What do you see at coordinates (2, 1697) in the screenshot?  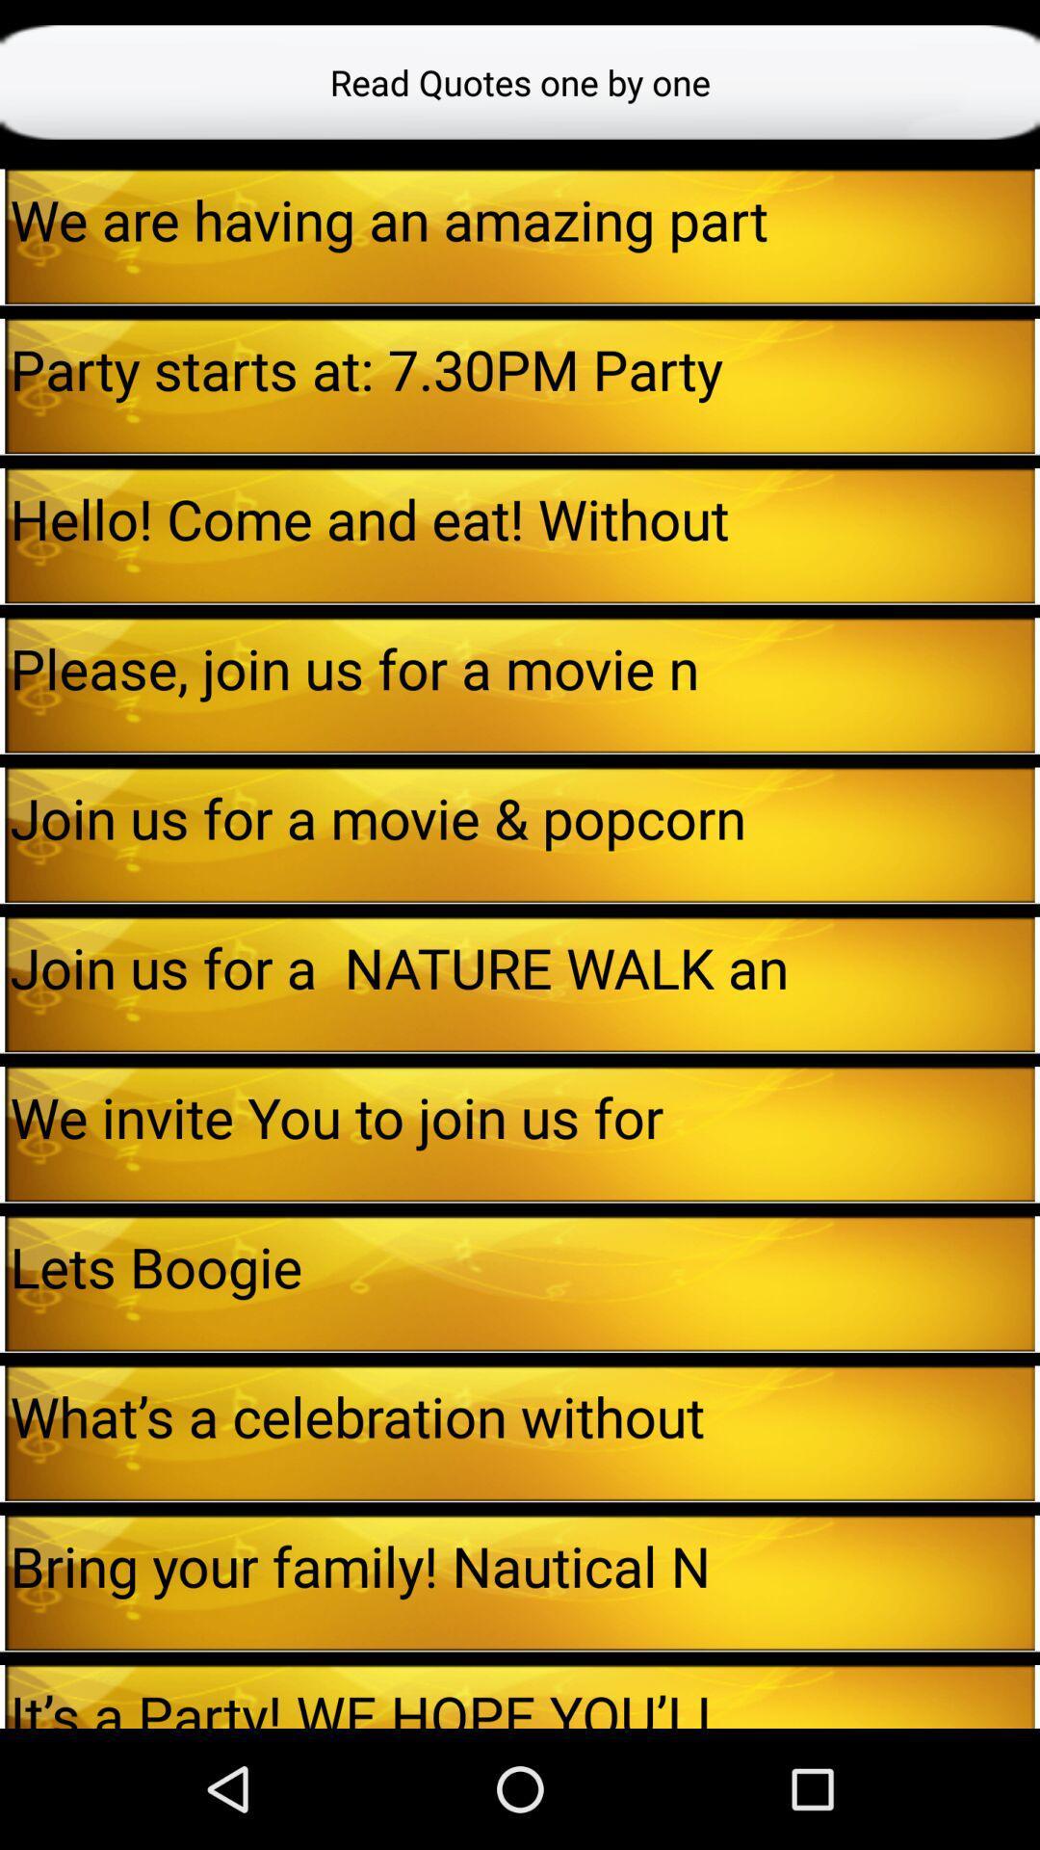 I see `item to the left of the it s a app` at bounding box center [2, 1697].